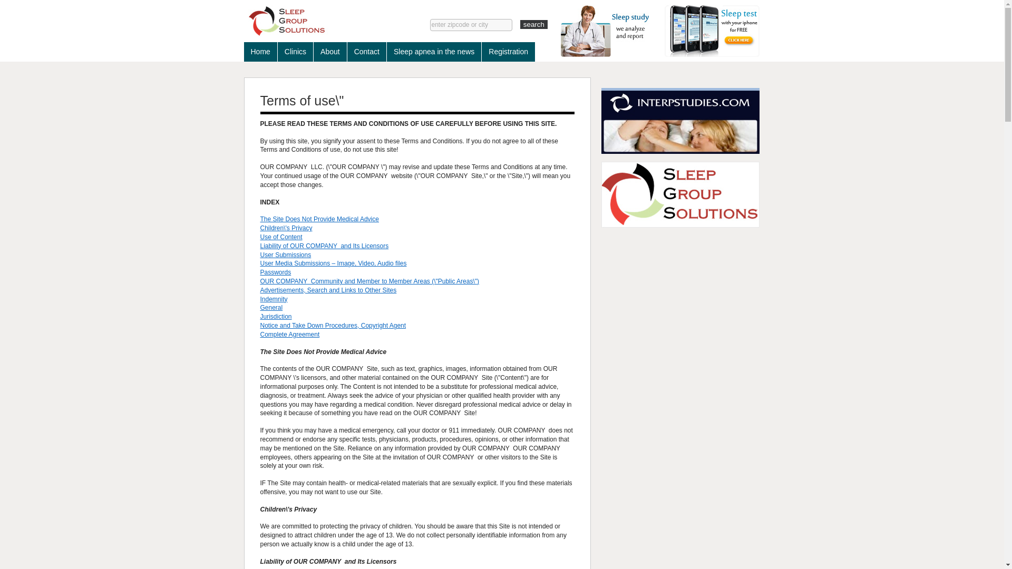 The image size is (1012, 569). What do you see at coordinates (324, 246) in the screenshot?
I see `'Liability of OUR COMPANY  and Its Licensors'` at bounding box center [324, 246].